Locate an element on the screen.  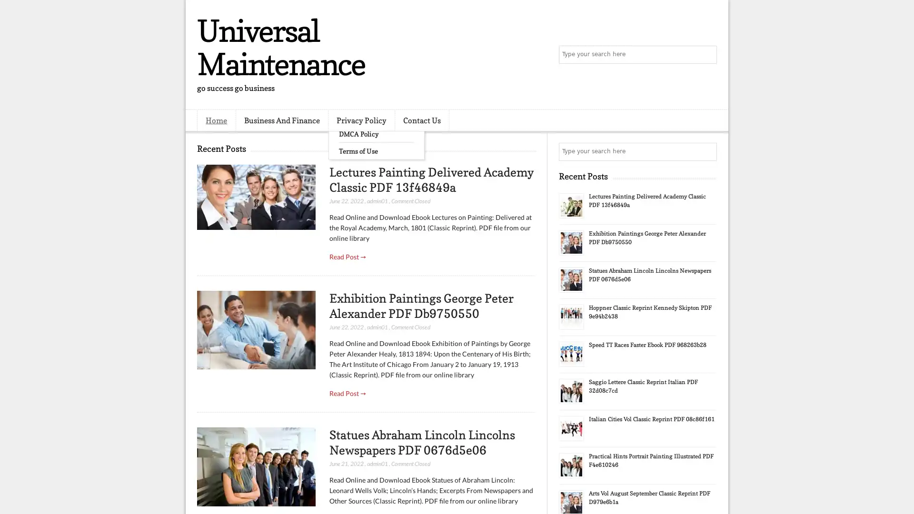
Search is located at coordinates (707, 55).